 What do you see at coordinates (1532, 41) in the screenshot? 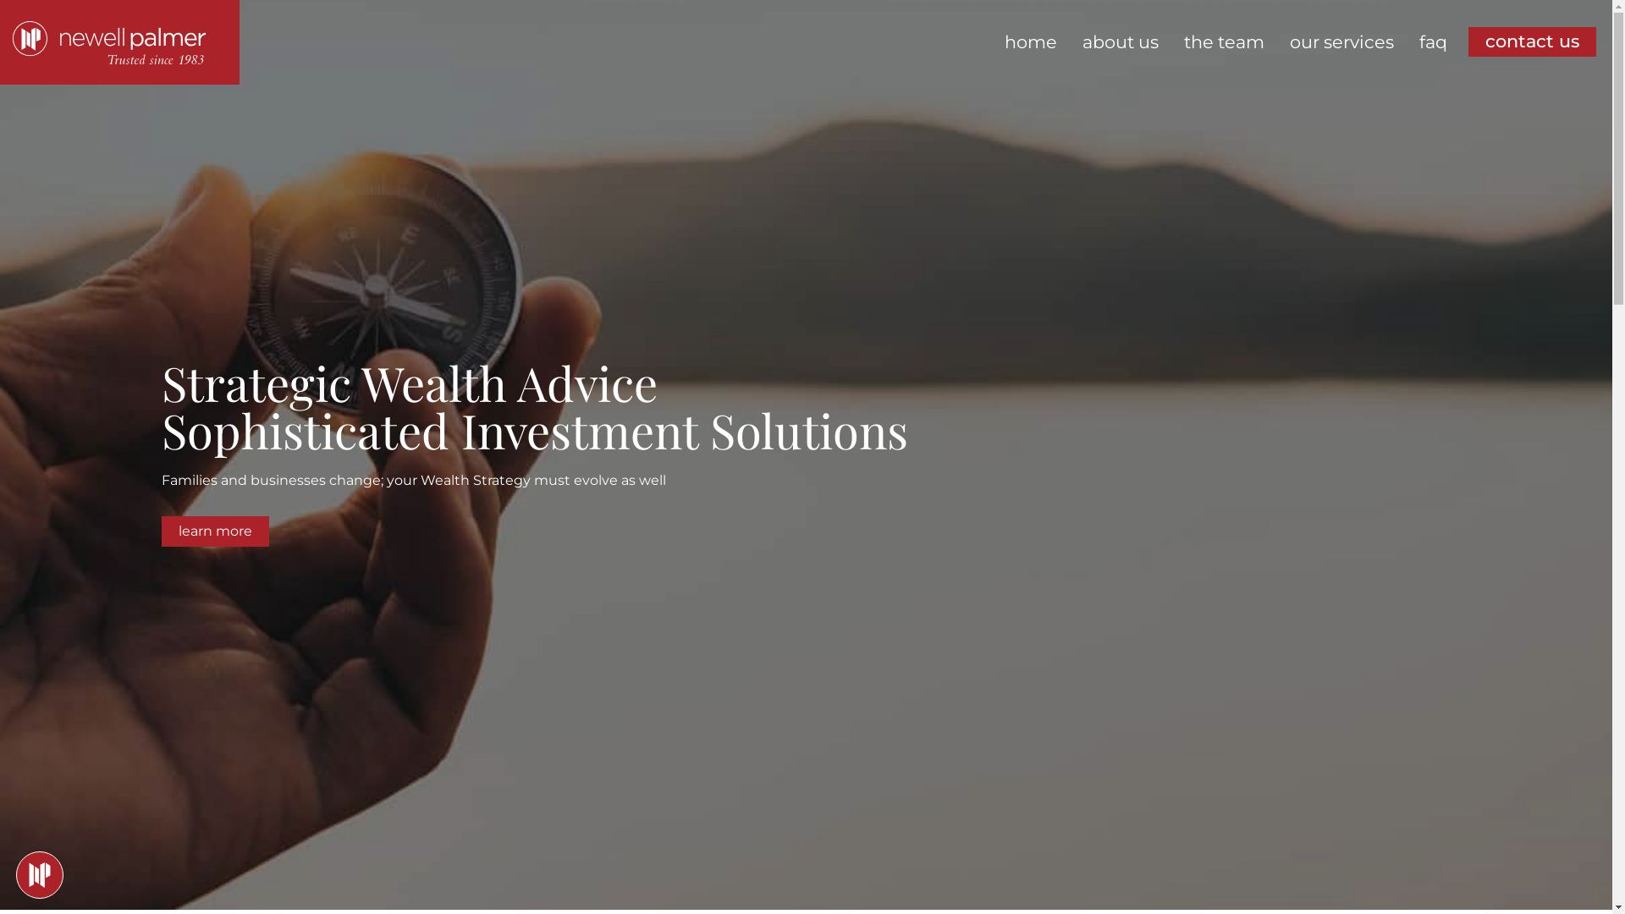
I see `'contact us'` at bounding box center [1532, 41].